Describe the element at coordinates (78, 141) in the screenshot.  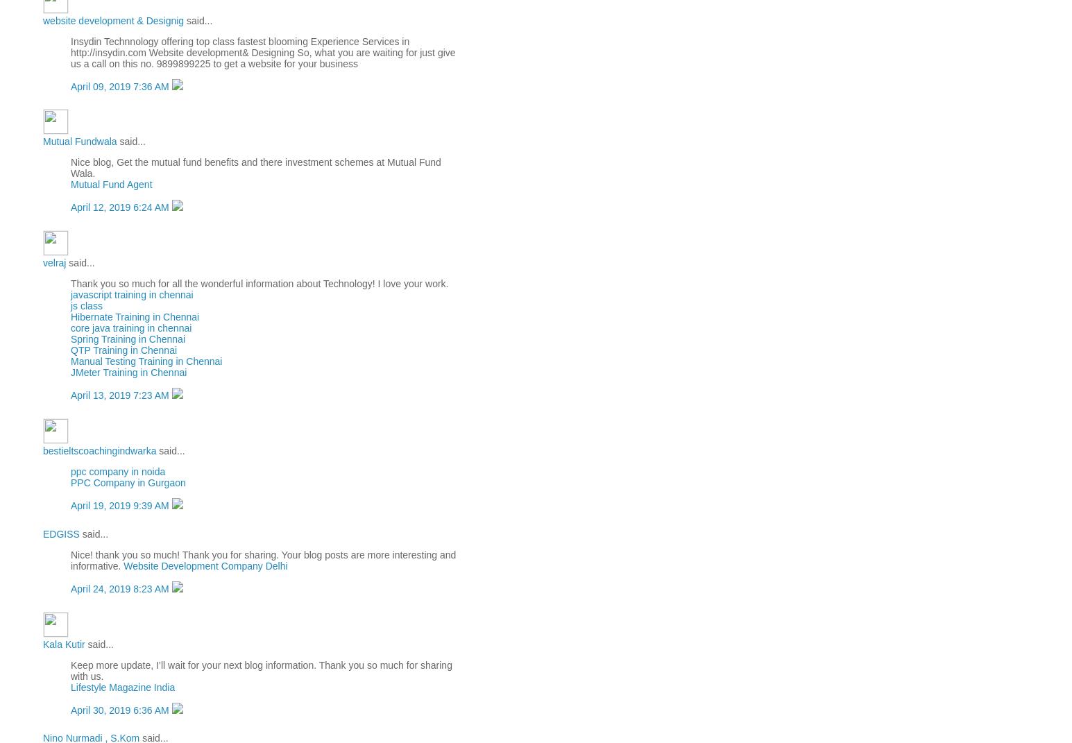
I see `'Mutual Fundwala'` at that location.